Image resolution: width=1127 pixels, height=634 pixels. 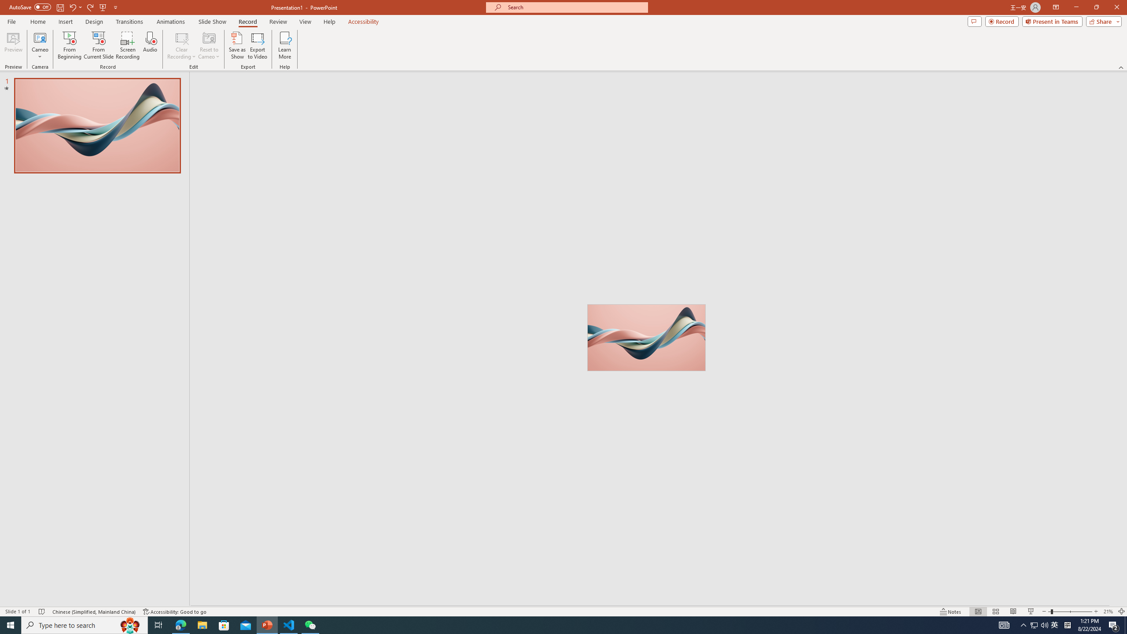 I want to click on 'Cameo', so click(x=39, y=45).